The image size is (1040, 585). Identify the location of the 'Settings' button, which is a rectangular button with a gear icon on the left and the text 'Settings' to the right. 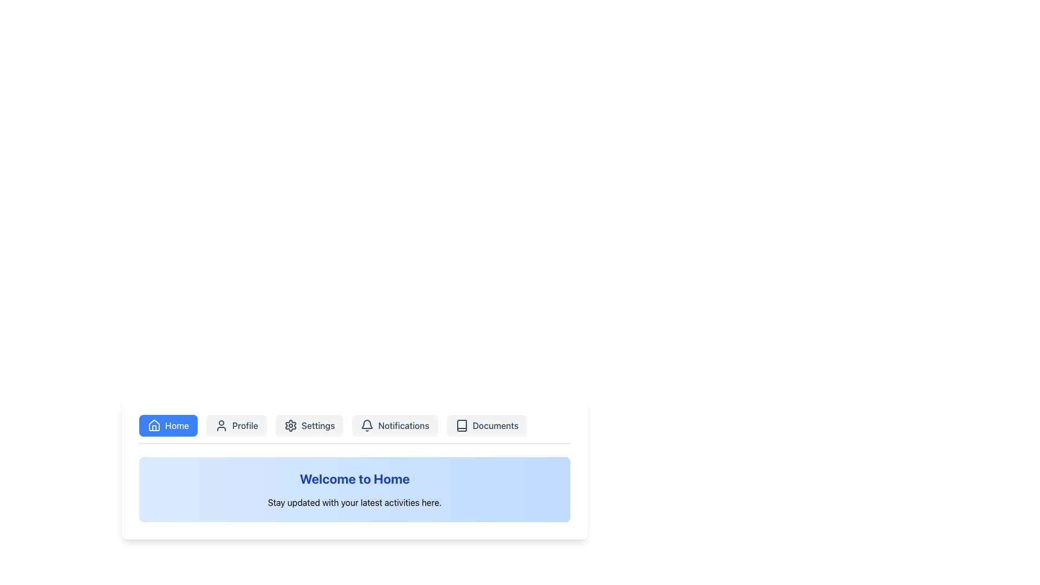
(309, 425).